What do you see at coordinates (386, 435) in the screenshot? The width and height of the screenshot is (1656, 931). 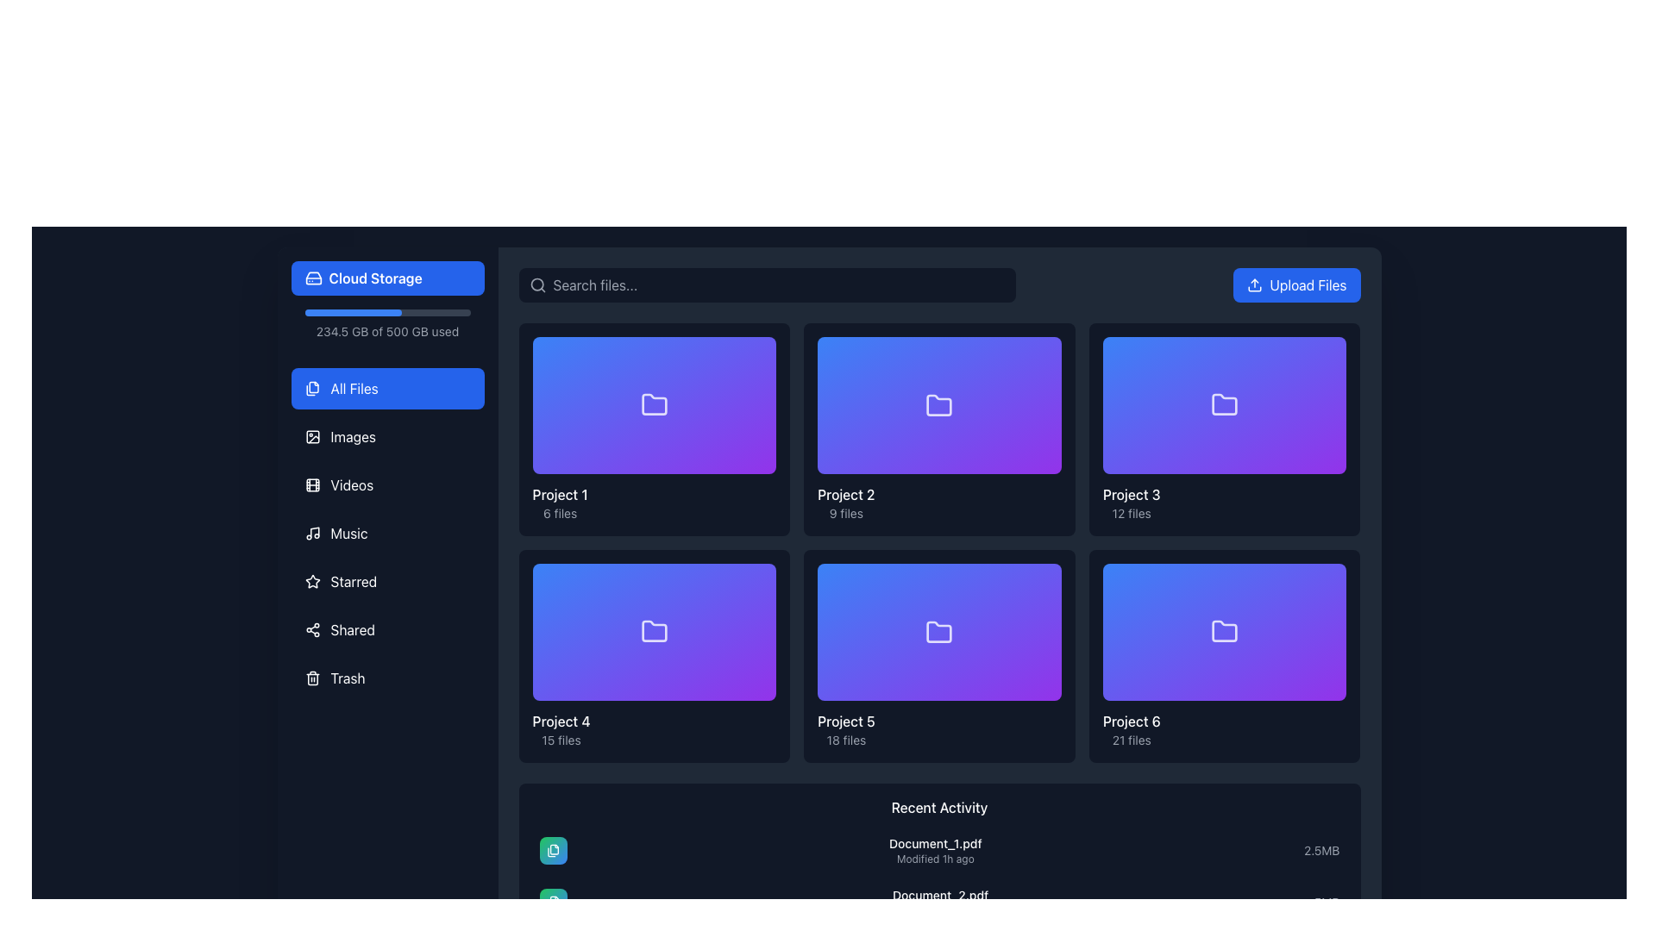 I see `the navigation button located in the left-hand sidebar, directly beneath the 'All Files' option` at bounding box center [386, 435].